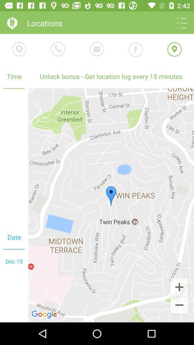 The width and height of the screenshot is (194, 345). What do you see at coordinates (181, 23) in the screenshot?
I see `open options menu` at bounding box center [181, 23].